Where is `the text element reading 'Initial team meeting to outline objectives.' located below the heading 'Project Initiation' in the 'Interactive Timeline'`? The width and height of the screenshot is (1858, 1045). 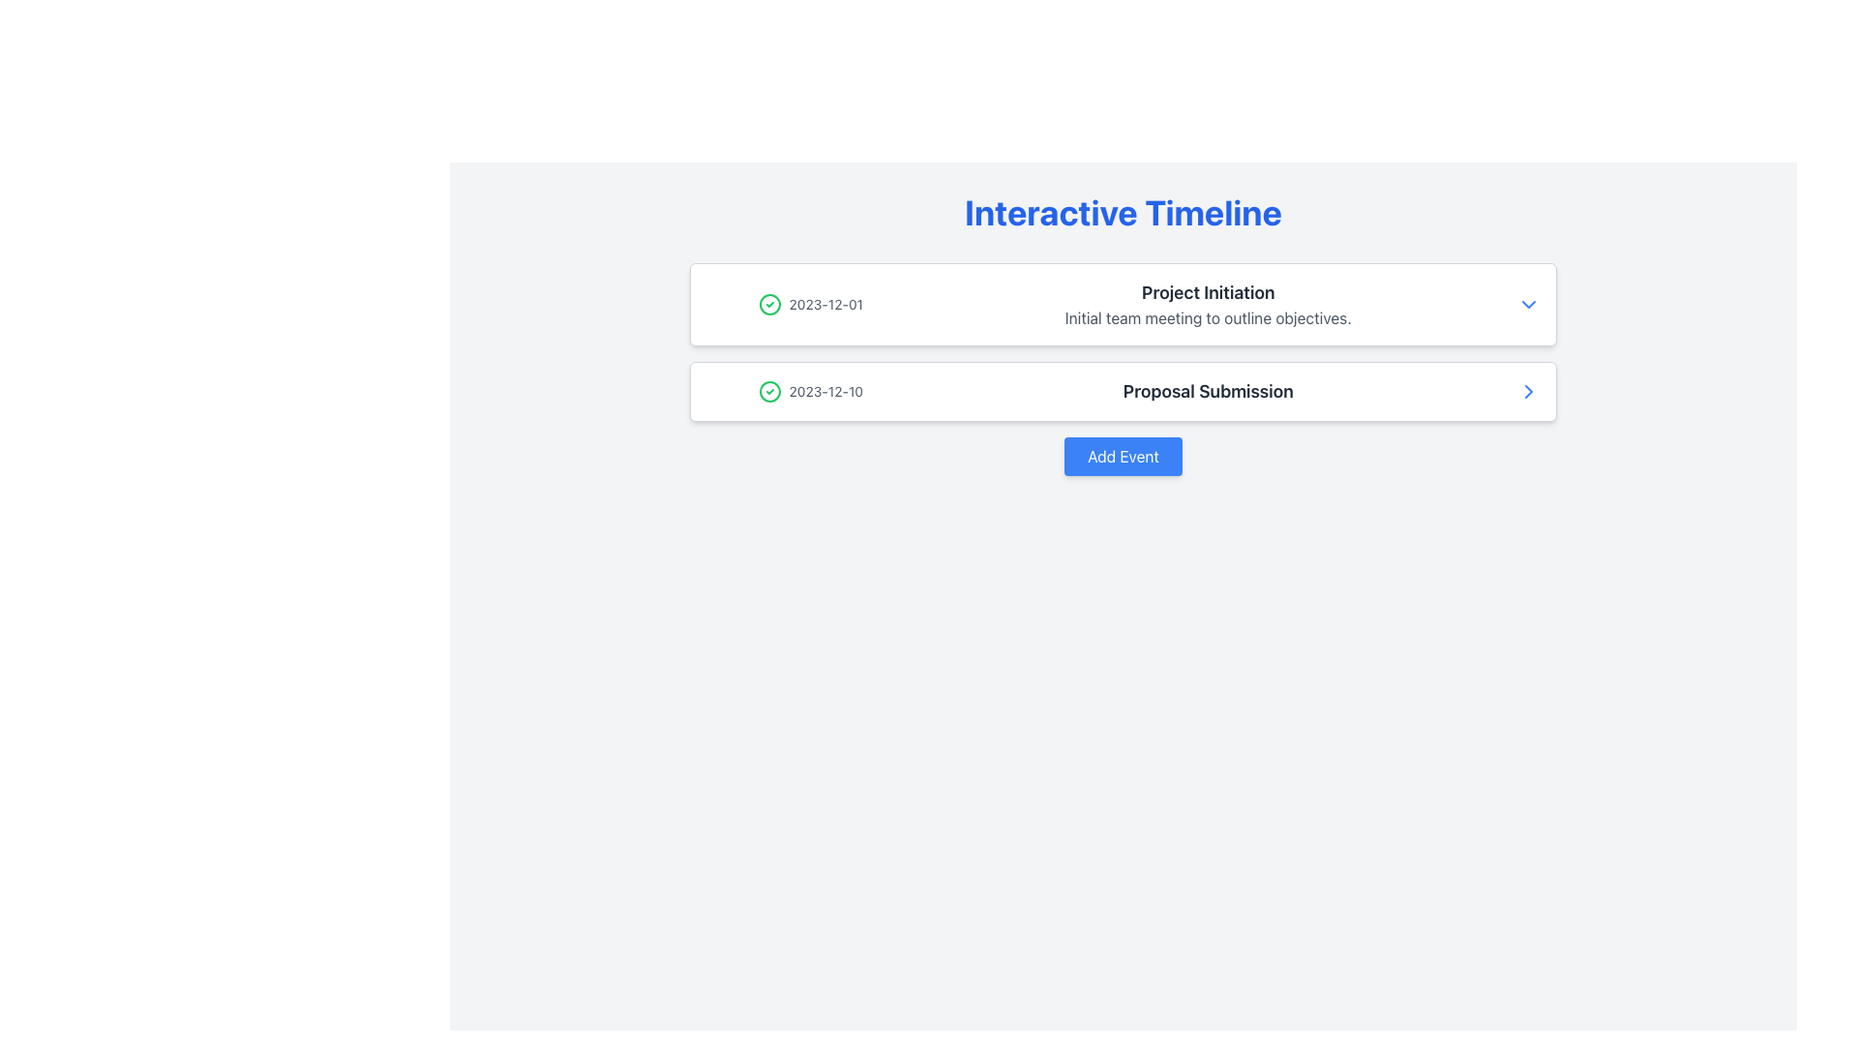 the text element reading 'Initial team meeting to outline objectives.' located below the heading 'Project Initiation' in the 'Interactive Timeline' is located at coordinates (1207, 316).